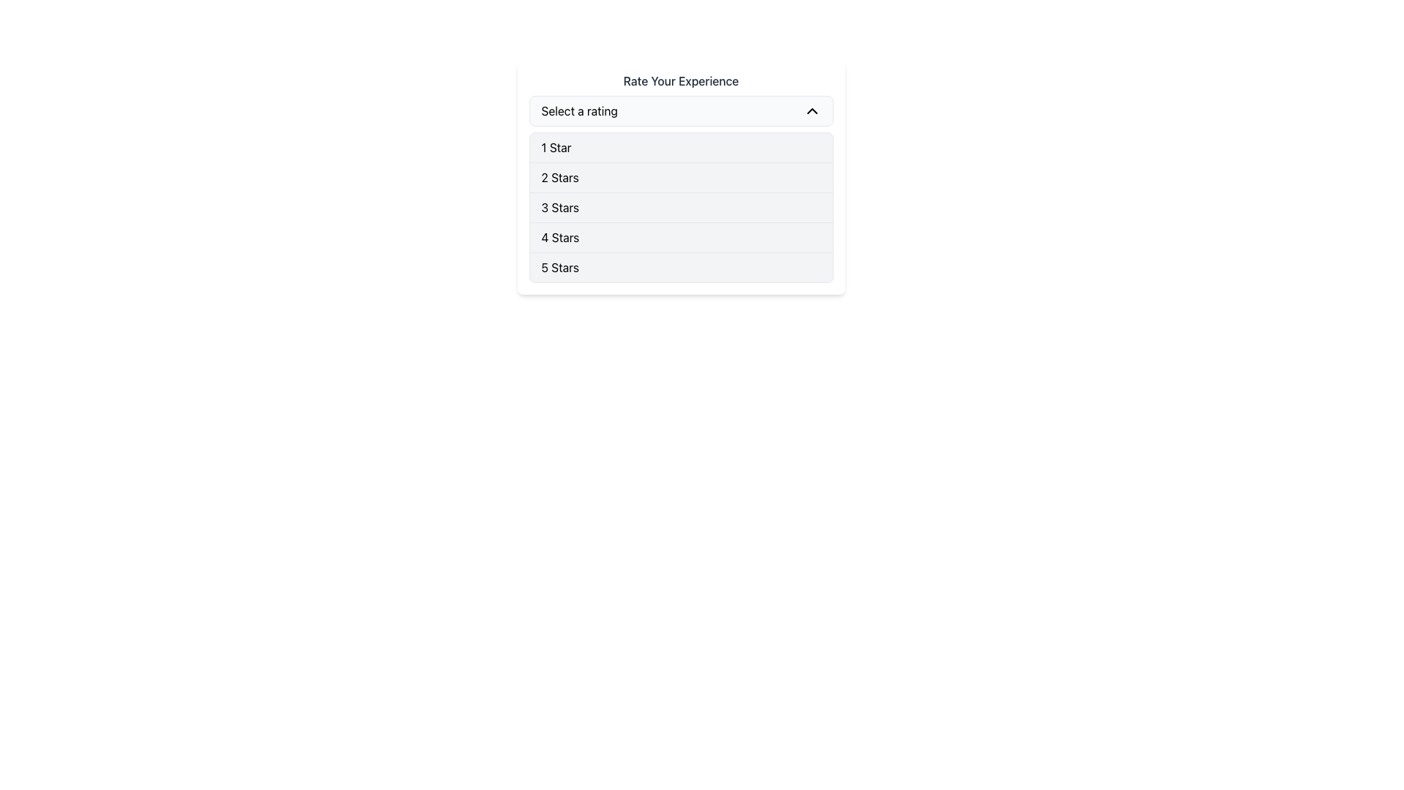 This screenshot has height=790, width=1404. I want to click on the clickable list item displaying '5 Stars', so click(680, 267).